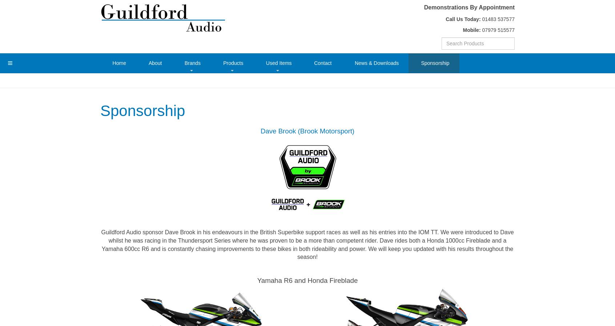 This screenshot has width=615, height=326. Describe the element at coordinates (376, 62) in the screenshot. I see `'News & Downloads'` at that location.